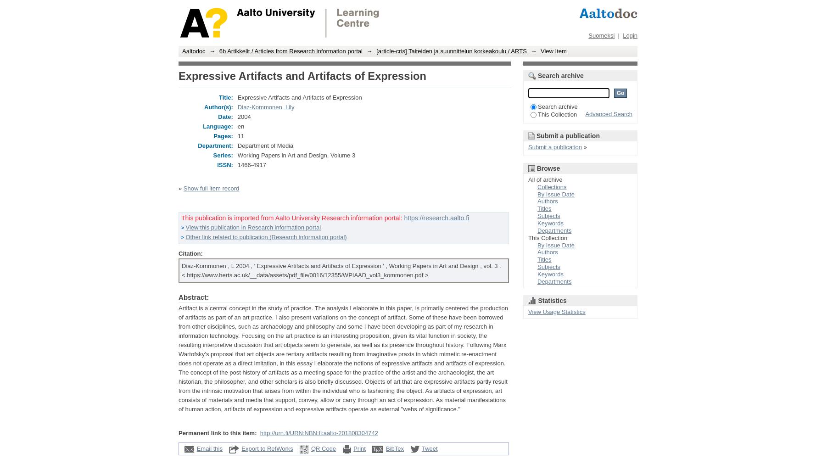  What do you see at coordinates (341, 269) in the screenshot?
I see `'Diaz-Kommonen , L 2004 , ' Expressive Artifacts and Artifacts of Expression ' , Working Papers in Art and Design , vol. 3 . < https://www.herts.ac.uk/__data/assets/pdf_file/0016/12355/WPIAAD_vol3_kommonen.pdf >'` at bounding box center [341, 269].